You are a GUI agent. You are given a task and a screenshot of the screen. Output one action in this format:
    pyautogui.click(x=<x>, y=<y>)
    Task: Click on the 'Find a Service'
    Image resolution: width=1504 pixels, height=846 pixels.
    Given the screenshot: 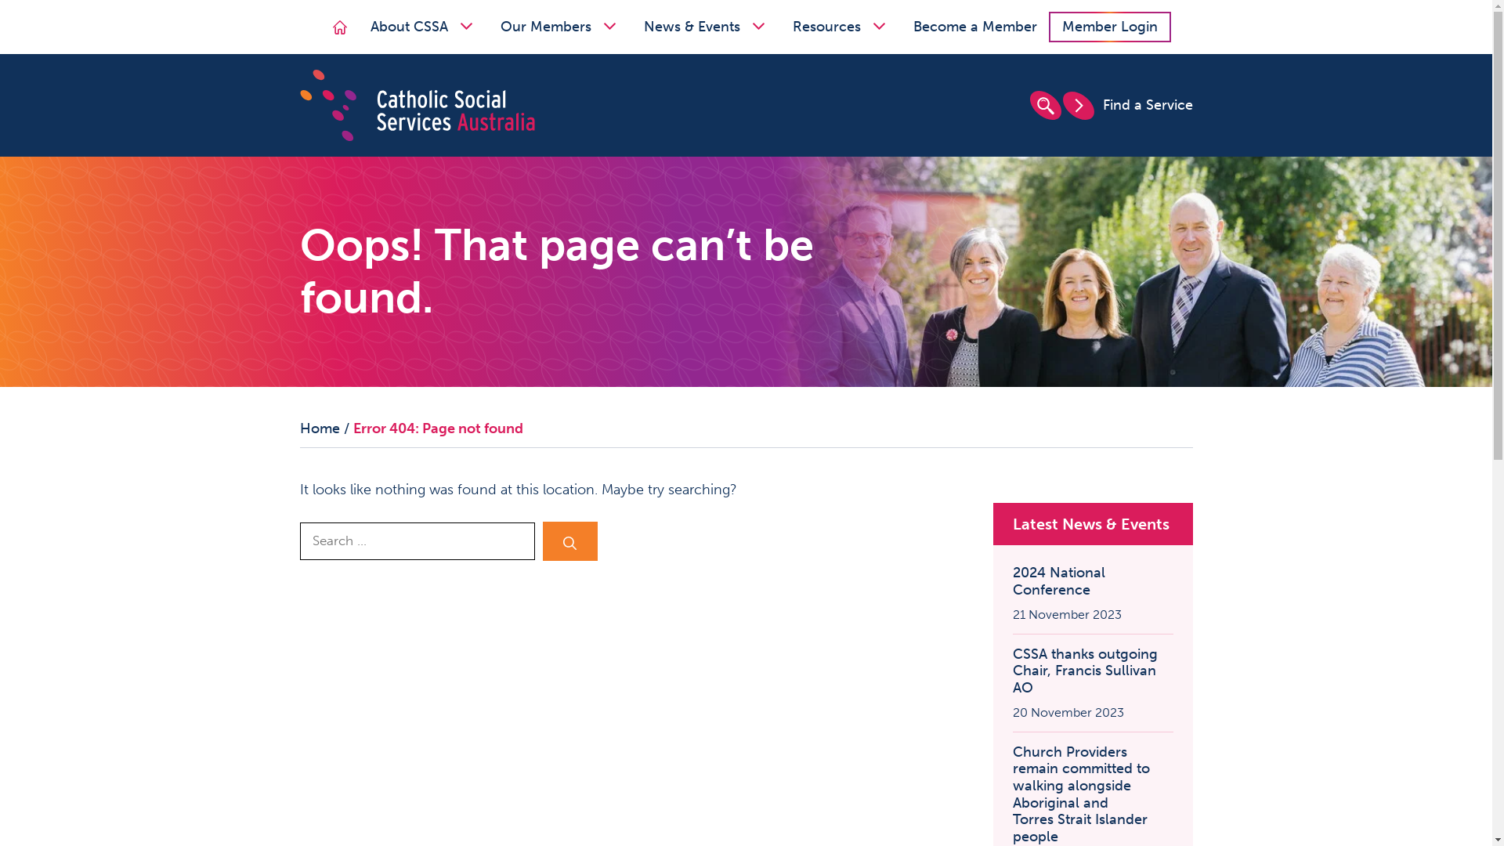 What is the action you would take?
    pyautogui.click(x=1126, y=105)
    